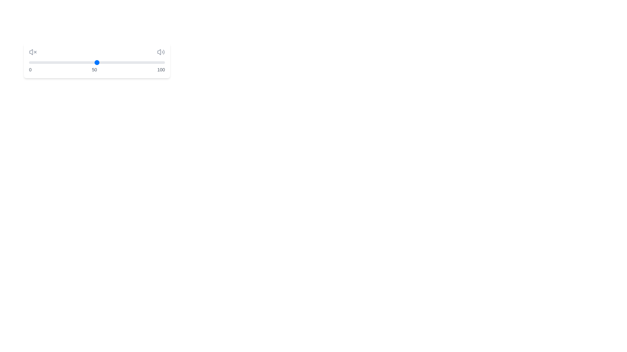  Describe the element at coordinates (161, 51) in the screenshot. I see `the volume icon on the right` at that location.